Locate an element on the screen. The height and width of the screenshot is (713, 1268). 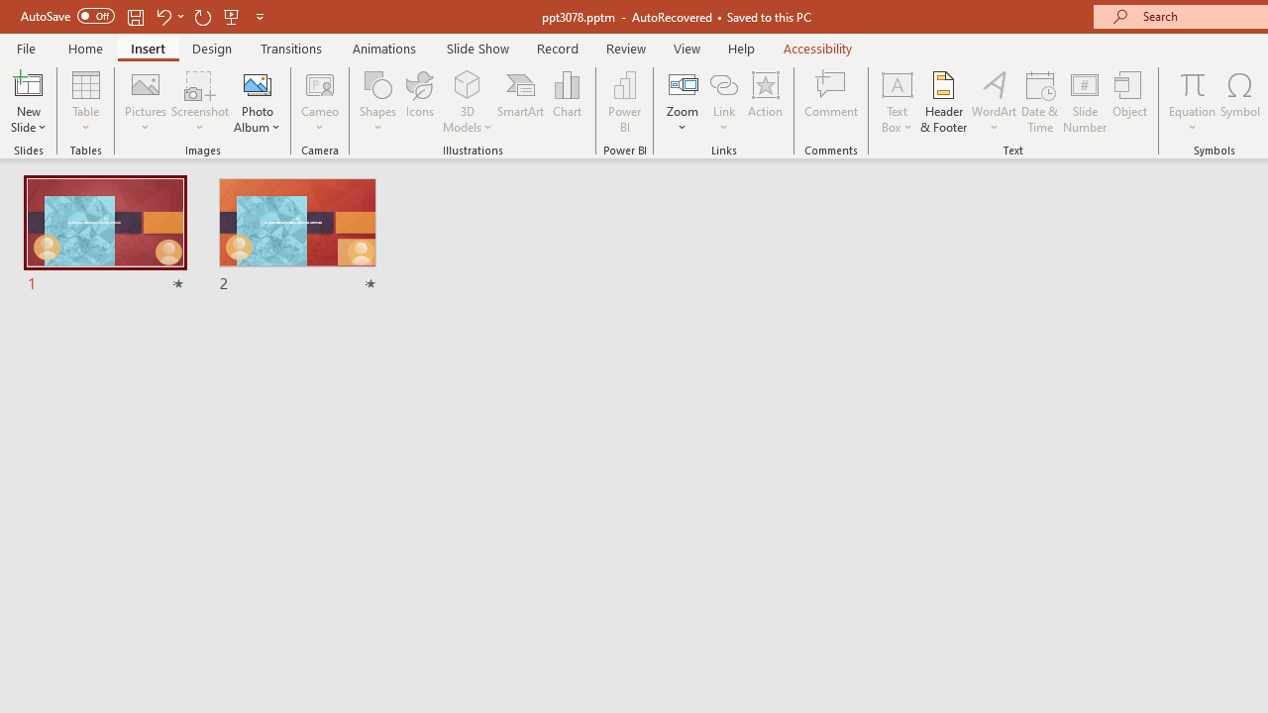
'Link' is located at coordinates (723, 102).